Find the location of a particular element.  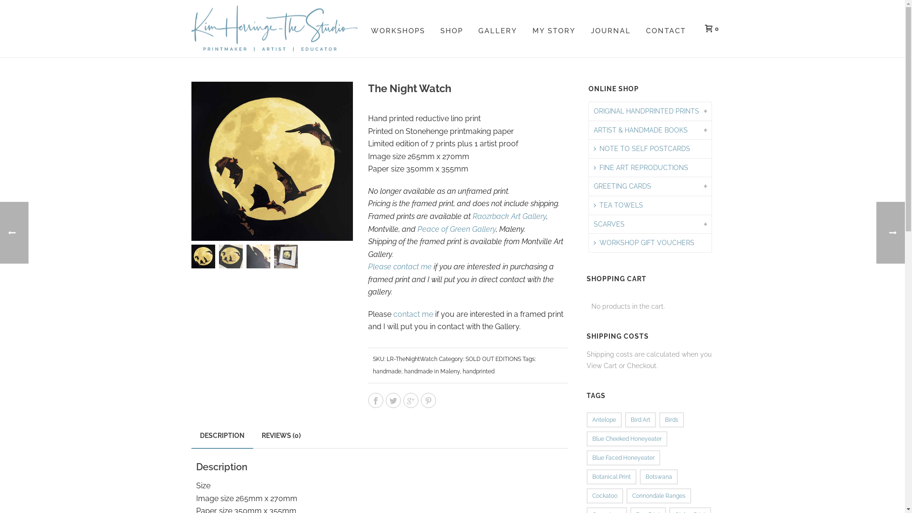

'Cockatoo' is located at coordinates (604, 495).